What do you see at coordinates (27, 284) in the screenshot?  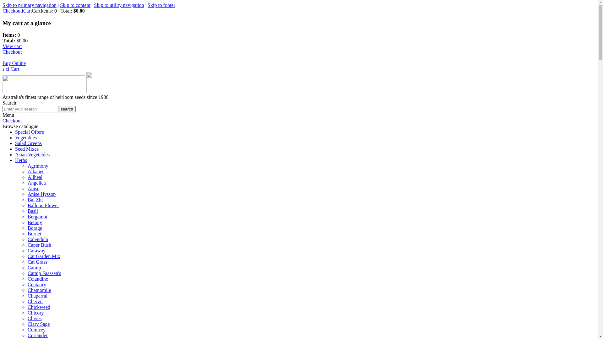 I see `'Centaury'` at bounding box center [27, 284].